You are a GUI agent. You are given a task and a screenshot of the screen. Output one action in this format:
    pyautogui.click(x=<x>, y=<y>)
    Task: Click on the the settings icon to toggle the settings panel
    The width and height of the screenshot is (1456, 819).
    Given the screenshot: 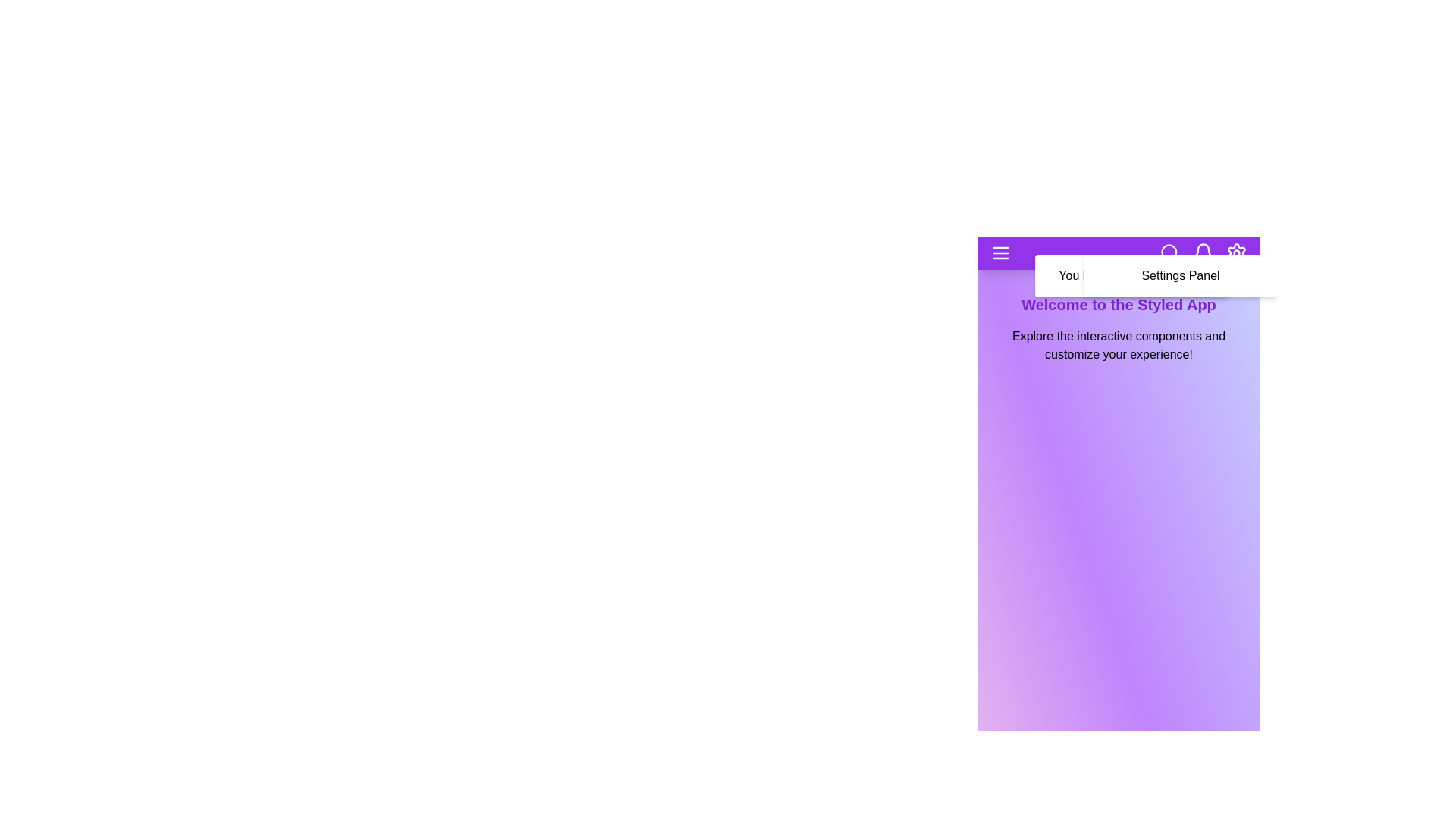 What is the action you would take?
    pyautogui.click(x=1237, y=253)
    